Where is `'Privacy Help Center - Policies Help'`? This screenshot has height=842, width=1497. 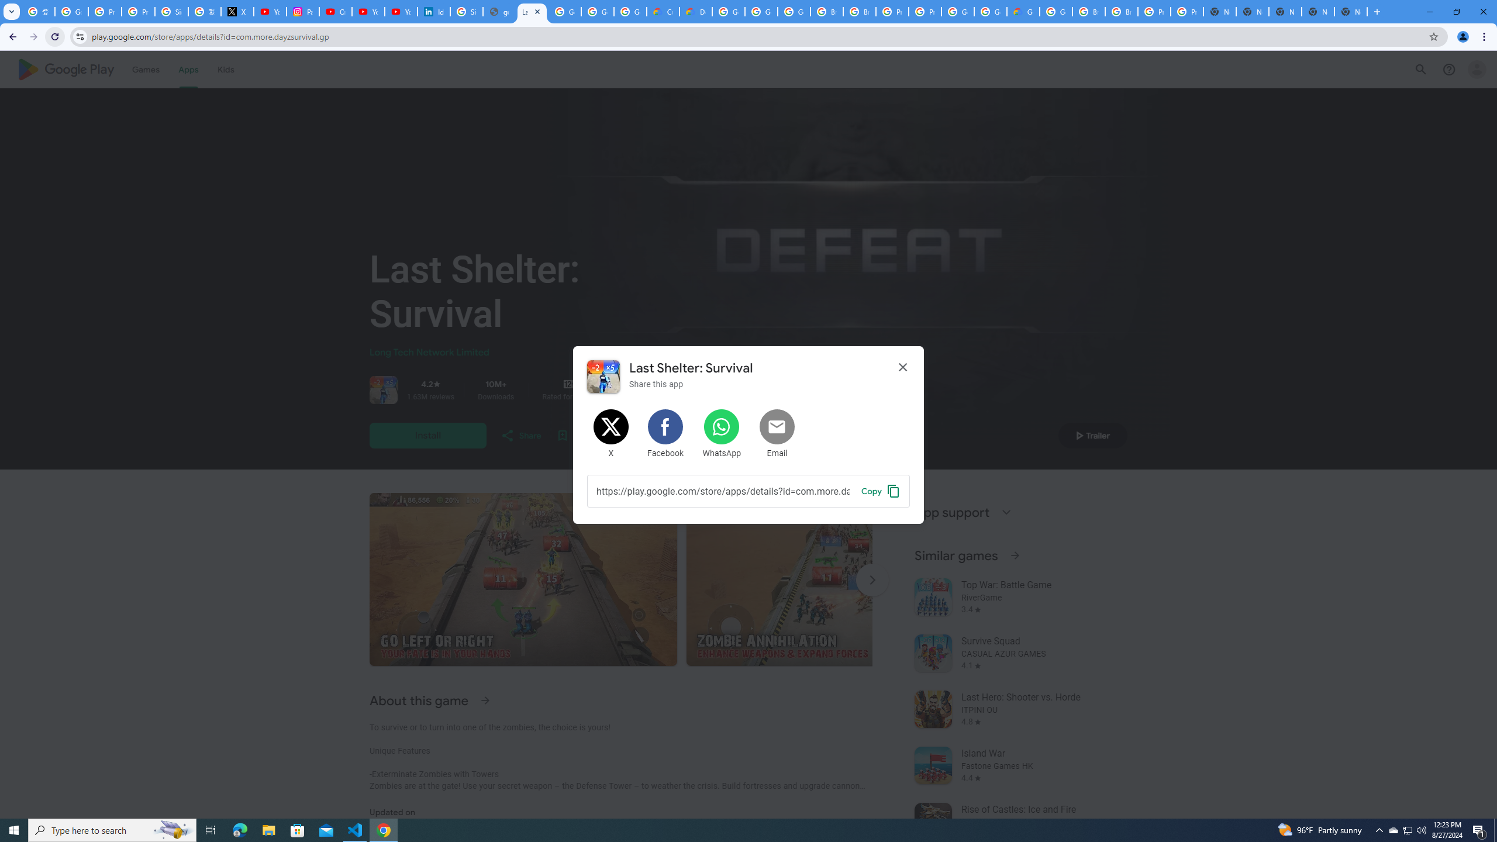
'Privacy Help Center - Policies Help' is located at coordinates (138, 11).